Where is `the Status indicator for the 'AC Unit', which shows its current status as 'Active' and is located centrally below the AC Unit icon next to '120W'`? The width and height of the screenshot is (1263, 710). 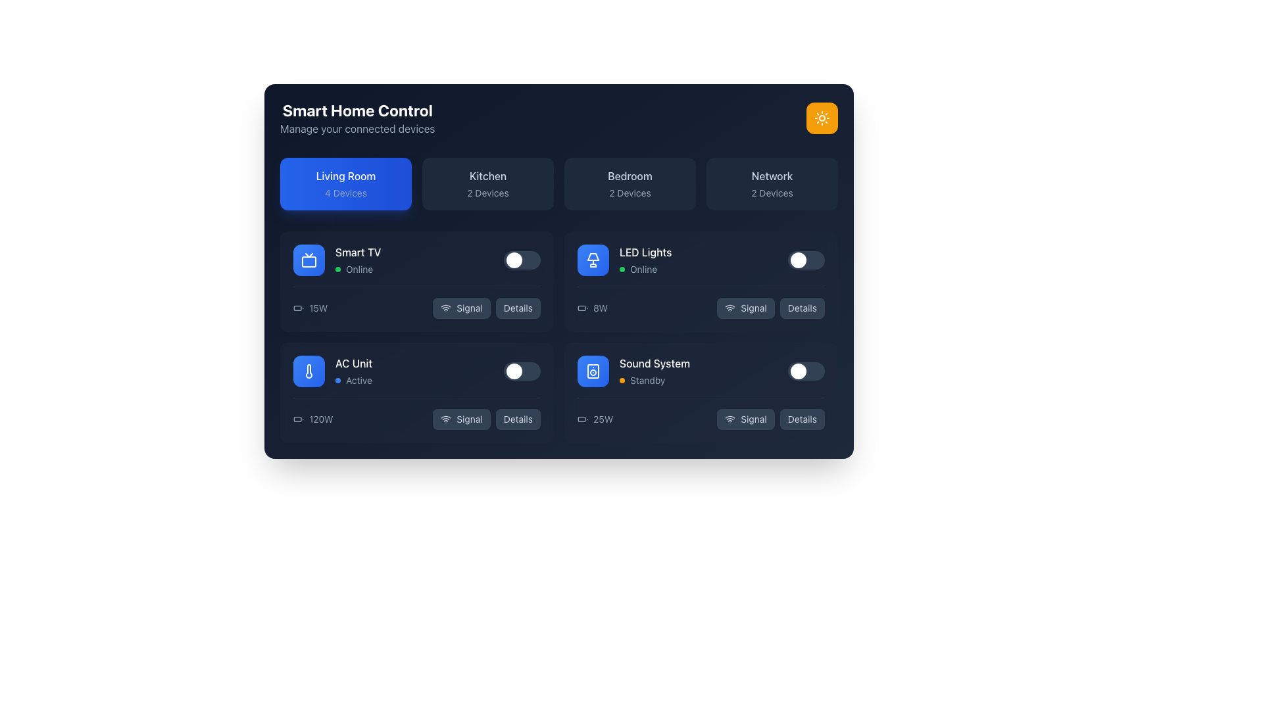 the Status indicator for the 'AC Unit', which shows its current status as 'Active' and is located centrally below the AC Unit icon next to '120W' is located at coordinates (353, 380).